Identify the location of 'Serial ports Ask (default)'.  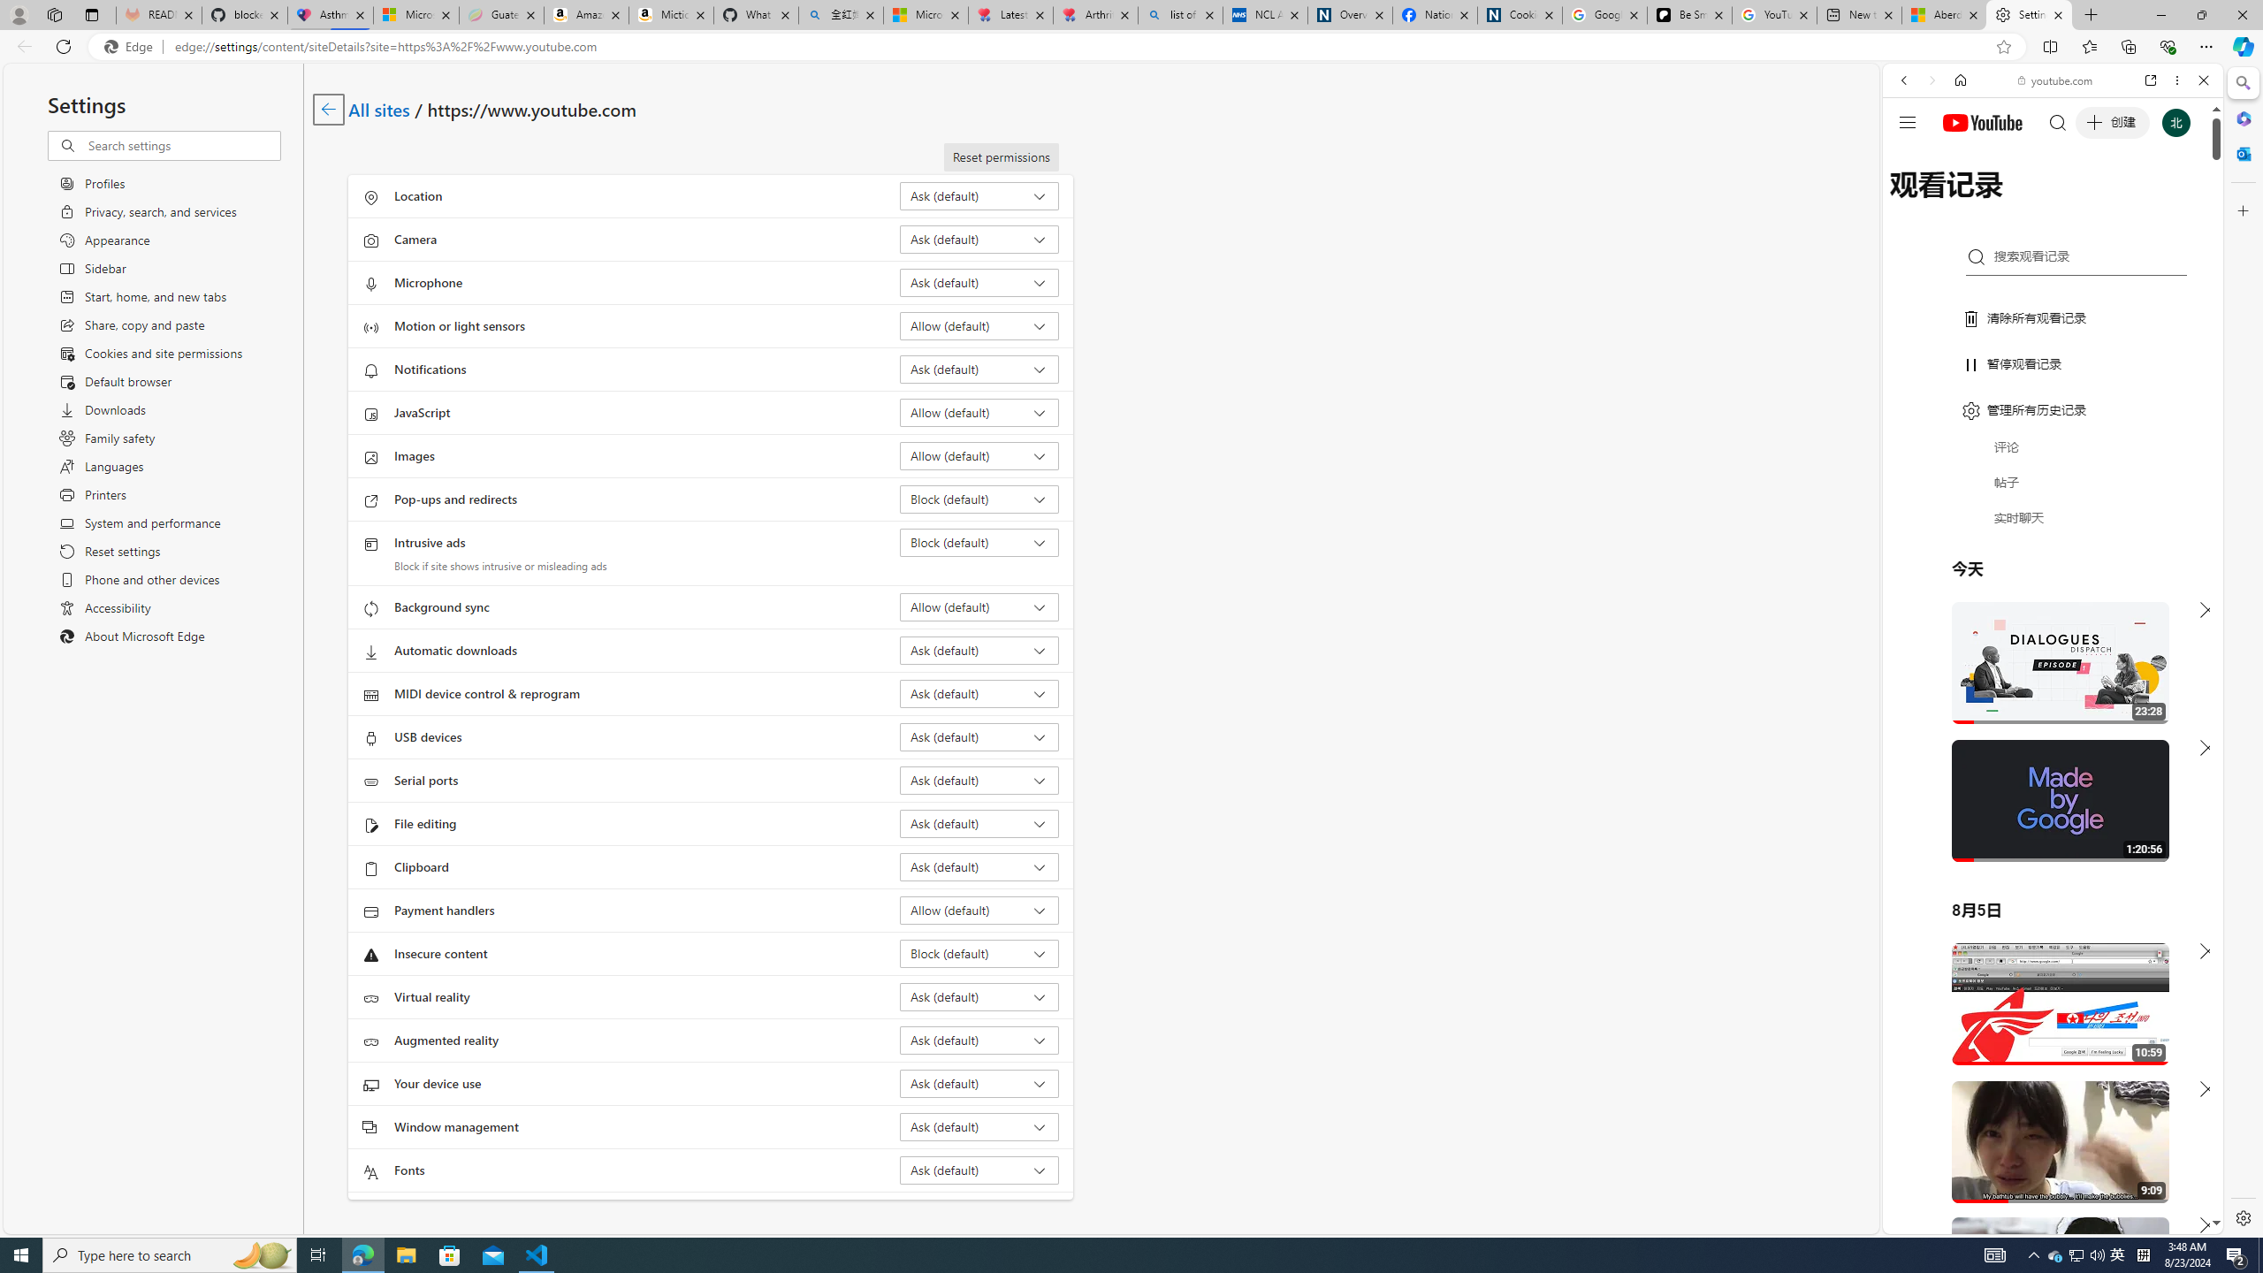
(979, 779).